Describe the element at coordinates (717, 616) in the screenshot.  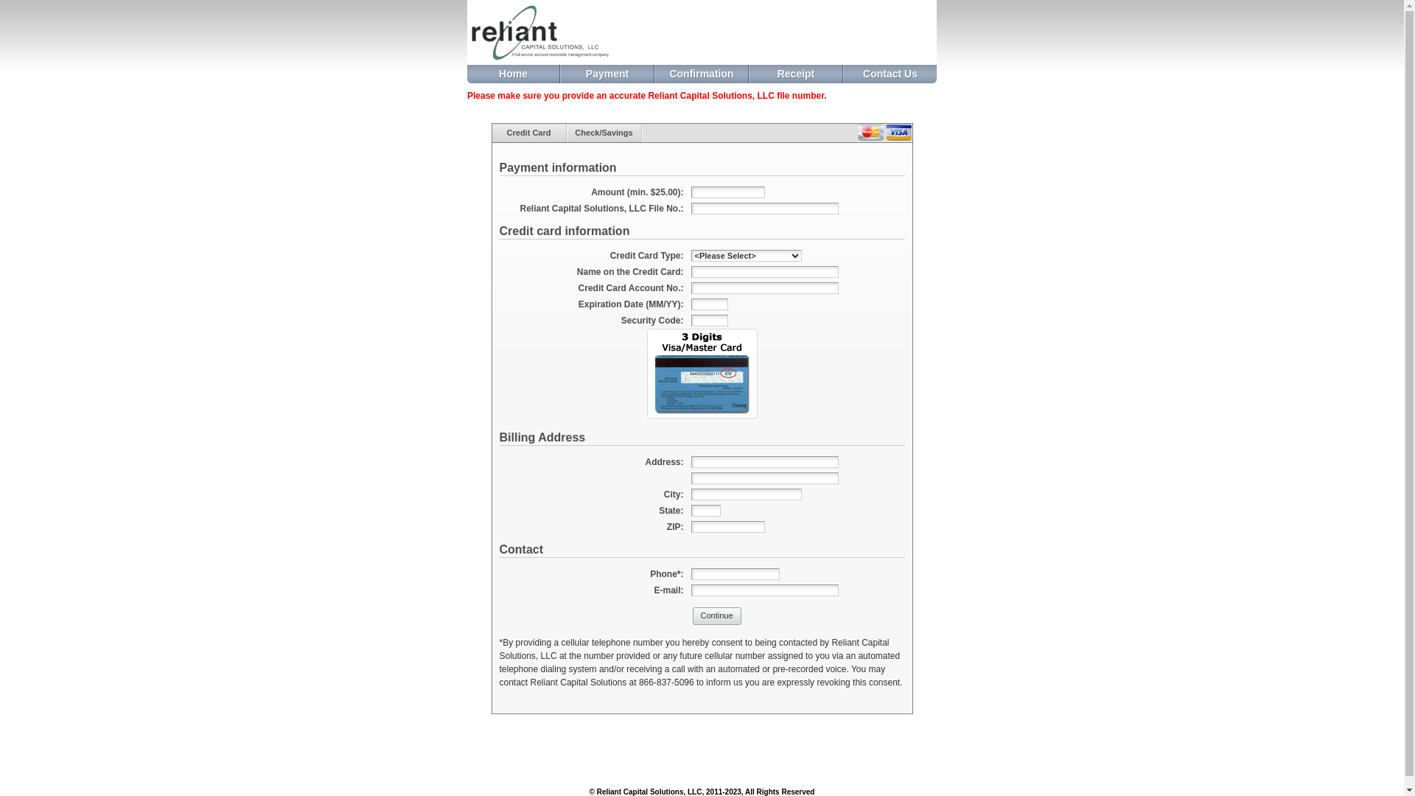
I see `'Continue'` at that location.